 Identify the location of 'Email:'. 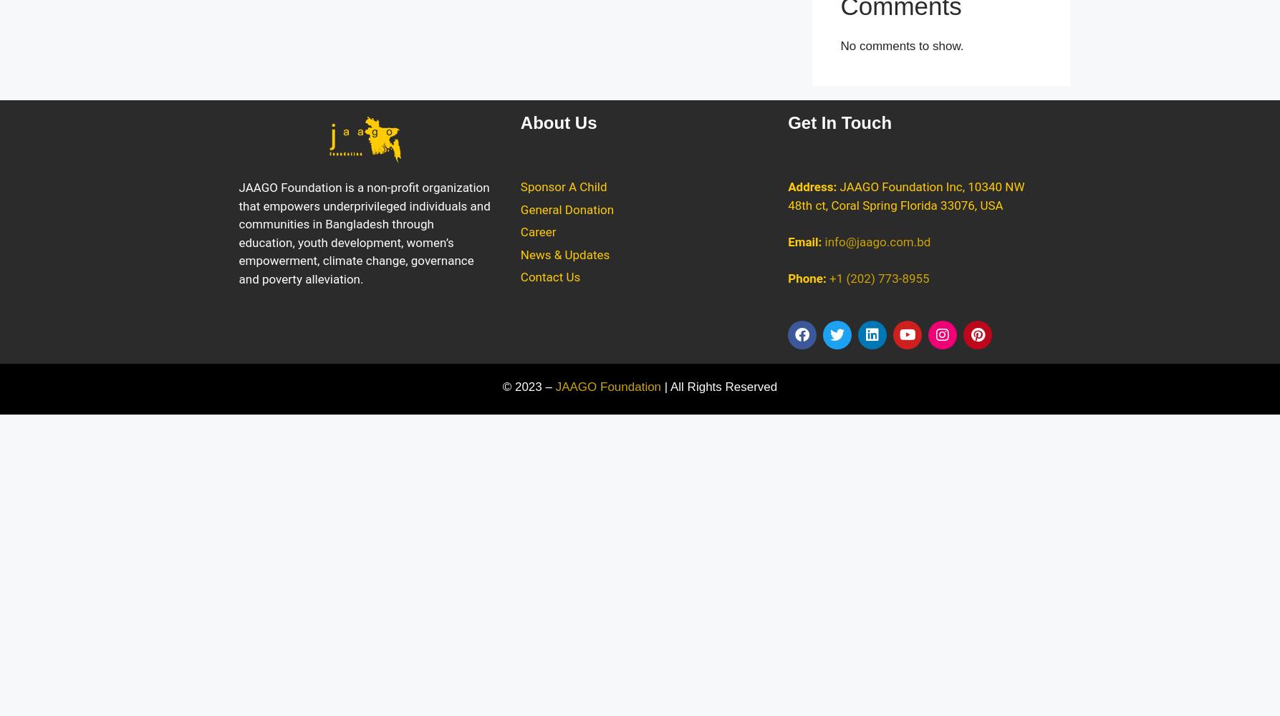
(804, 241).